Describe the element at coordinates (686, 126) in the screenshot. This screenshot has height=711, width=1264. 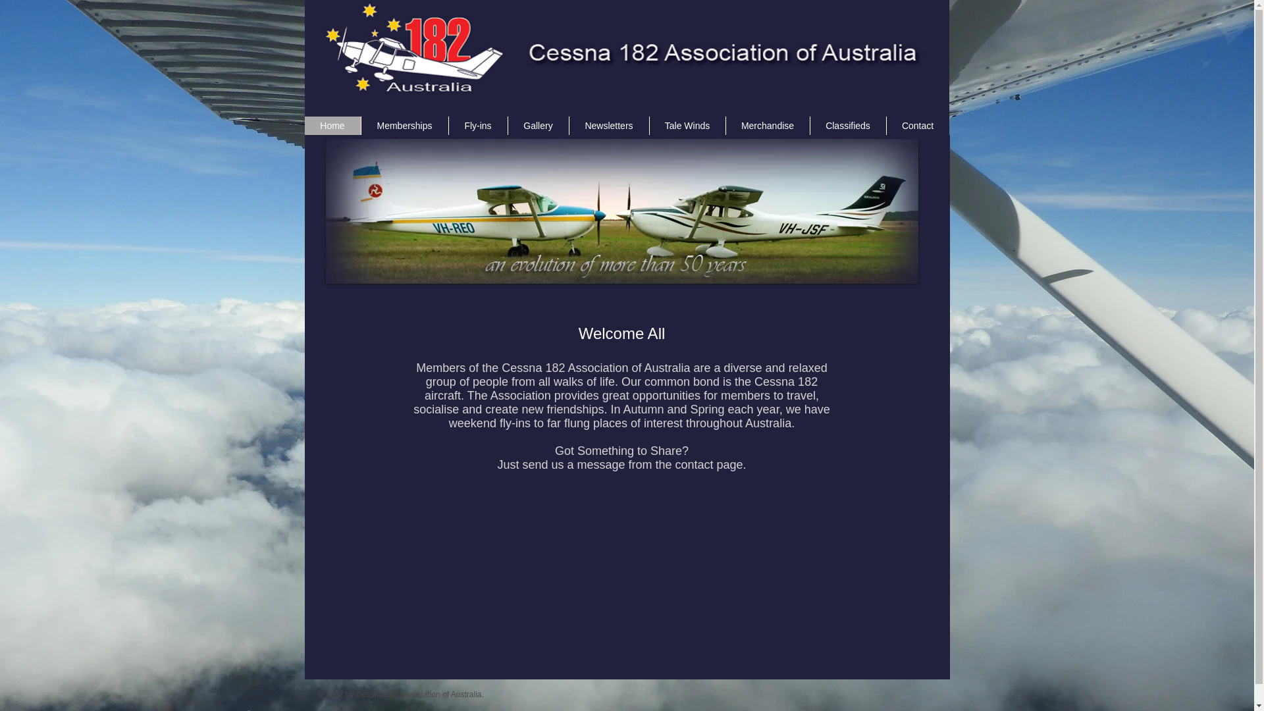
I see `'Tale Winds'` at that location.